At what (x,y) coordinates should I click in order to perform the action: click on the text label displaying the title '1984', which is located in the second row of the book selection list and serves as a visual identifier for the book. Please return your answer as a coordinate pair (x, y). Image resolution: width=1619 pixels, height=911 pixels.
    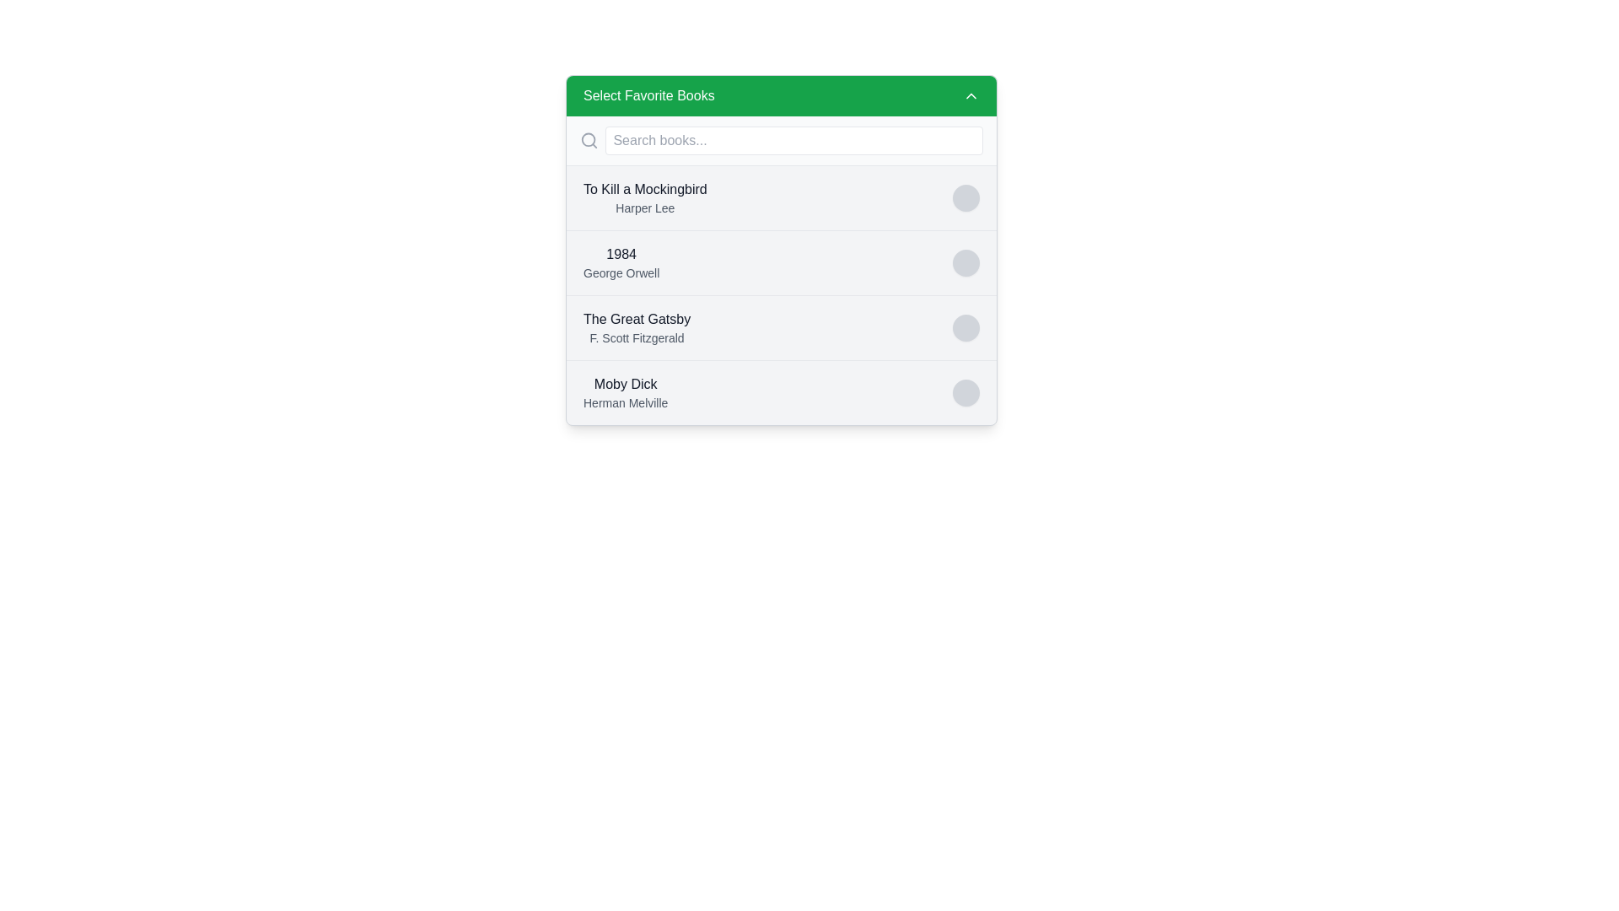
    Looking at the image, I should click on (621, 254).